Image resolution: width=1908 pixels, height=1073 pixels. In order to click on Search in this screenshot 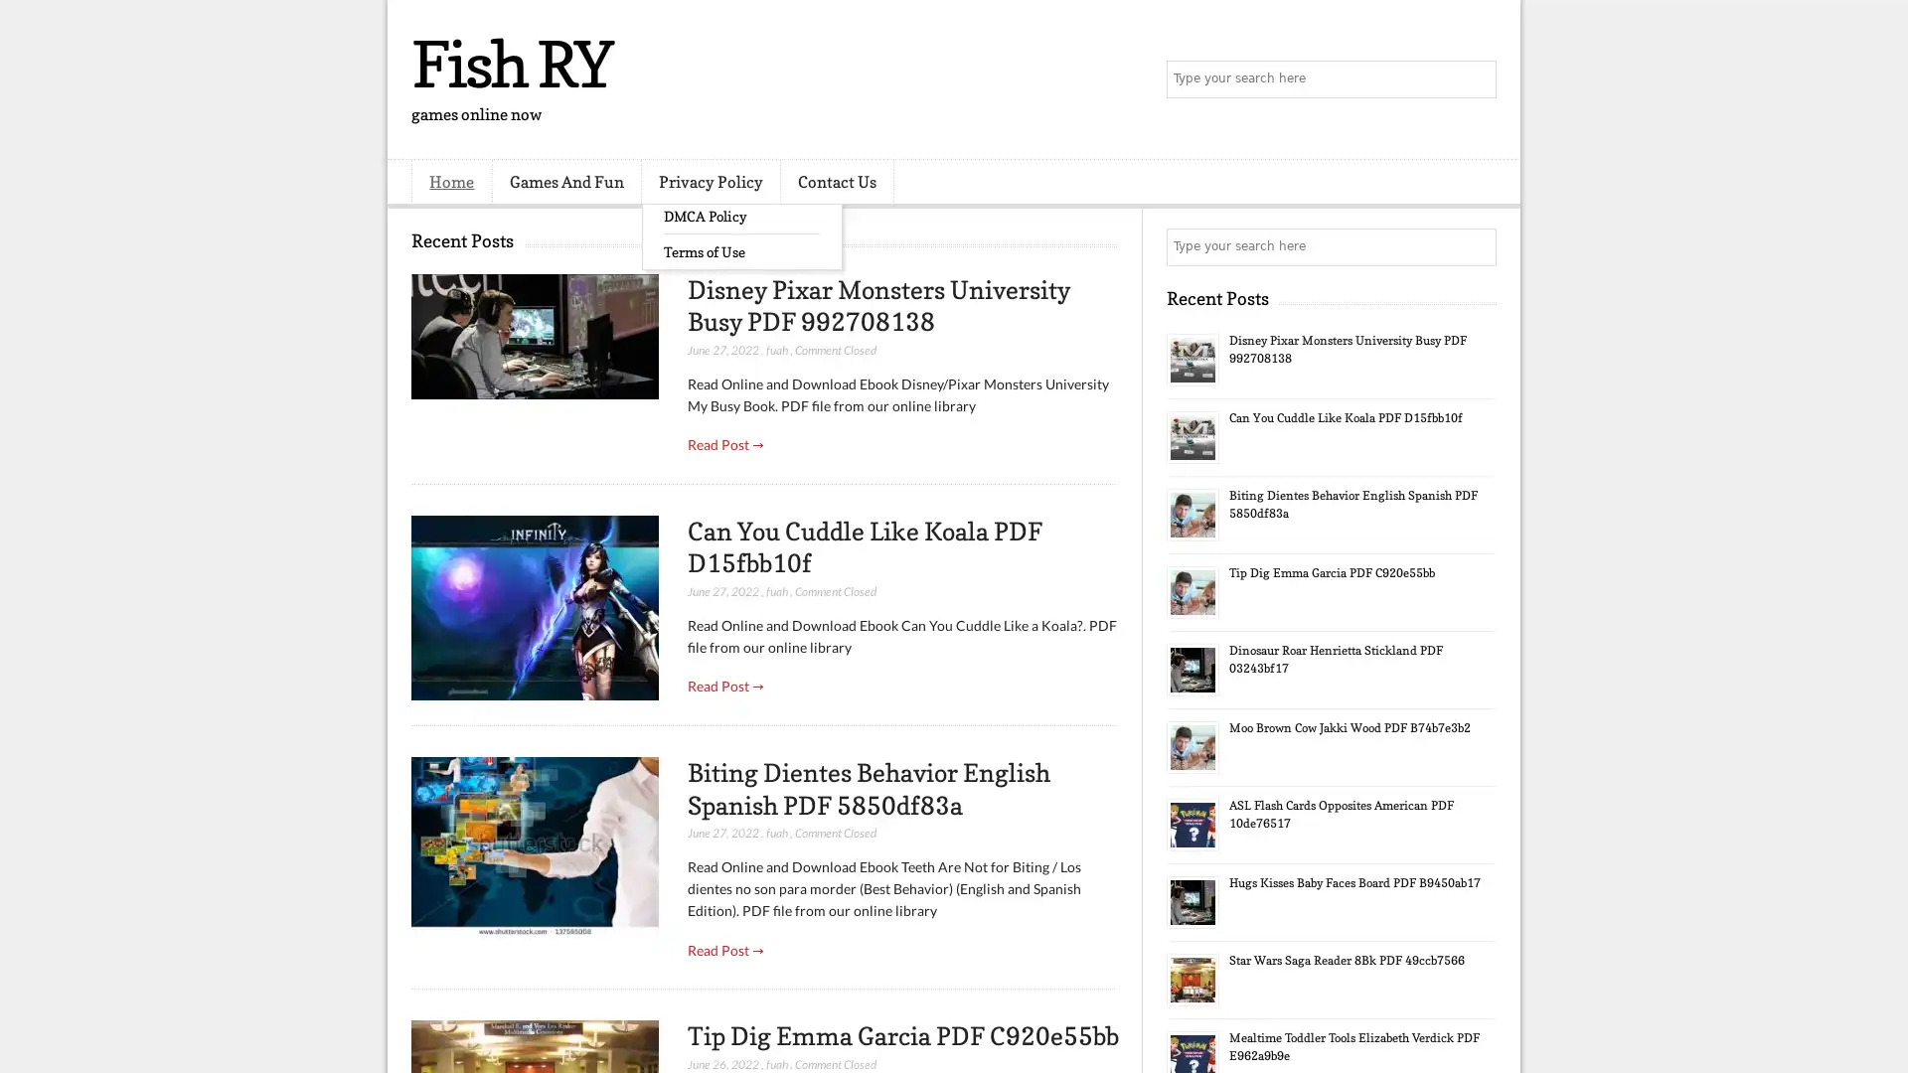, I will do `click(1476, 79)`.